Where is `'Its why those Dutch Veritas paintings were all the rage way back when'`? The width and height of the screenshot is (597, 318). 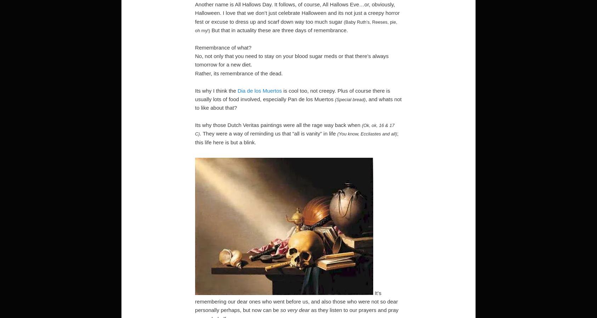
'Its why those Dutch Veritas paintings were all the rage way back when' is located at coordinates (278, 125).